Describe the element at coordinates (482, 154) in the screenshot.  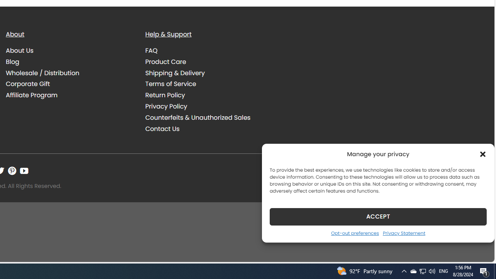
I see `'Class: cmplz-close'` at that location.